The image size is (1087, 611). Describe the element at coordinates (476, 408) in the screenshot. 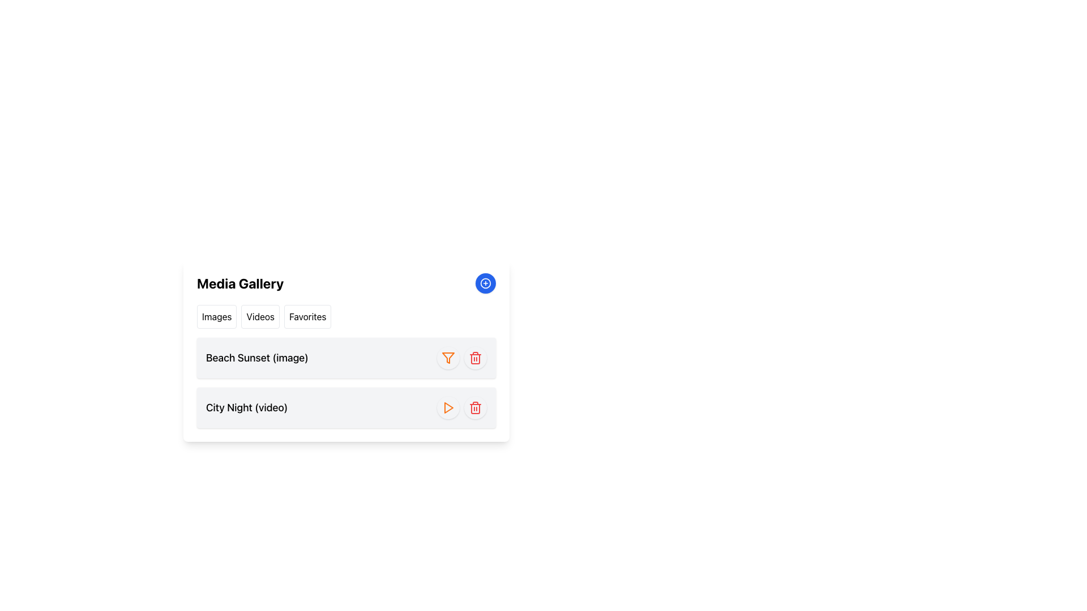

I see `the circular red trash bin button to initiate a delete action in the Media Gallery interface, specifically for the entry 'City Night (video)'` at that location.